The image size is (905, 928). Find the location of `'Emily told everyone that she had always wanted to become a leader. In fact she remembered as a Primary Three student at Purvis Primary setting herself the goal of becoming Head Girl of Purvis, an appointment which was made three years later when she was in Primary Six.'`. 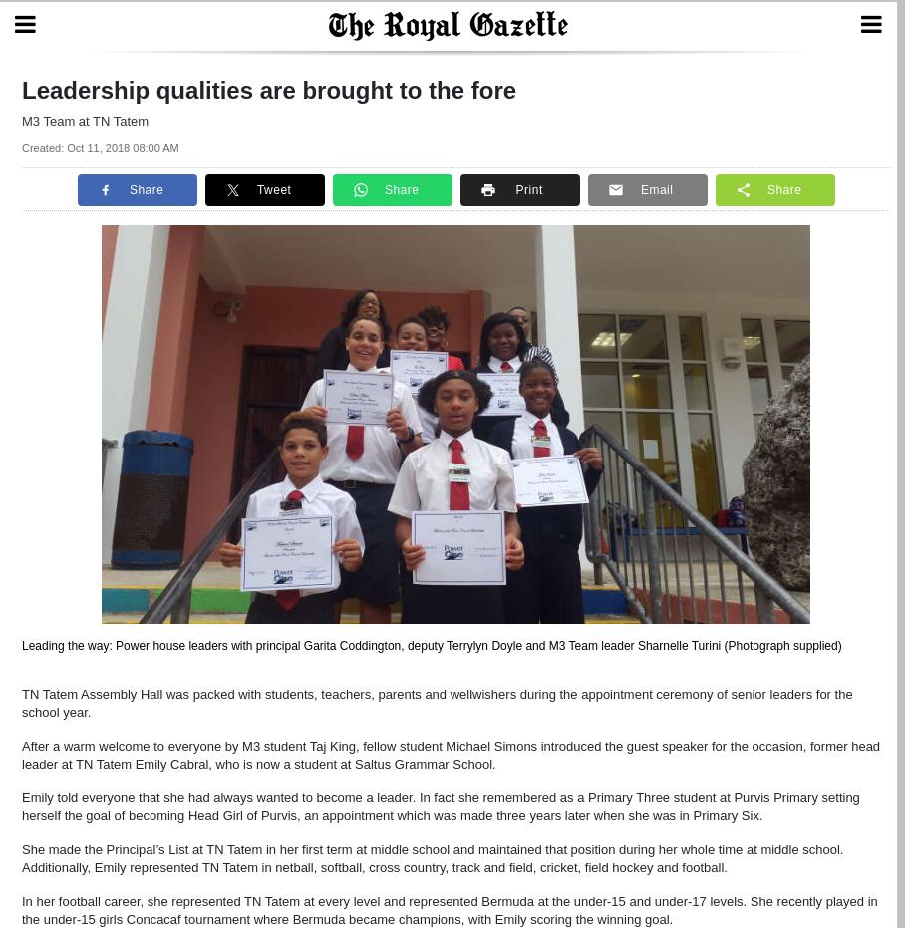

'Emily told everyone that she had always wanted to become a leader. In fact she remembered as a Primary Three student at Purvis Primary setting herself the goal of becoming Head Girl of Purvis, an appointment which was made three years later when she was in Primary Six.' is located at coordinates (441, 804).